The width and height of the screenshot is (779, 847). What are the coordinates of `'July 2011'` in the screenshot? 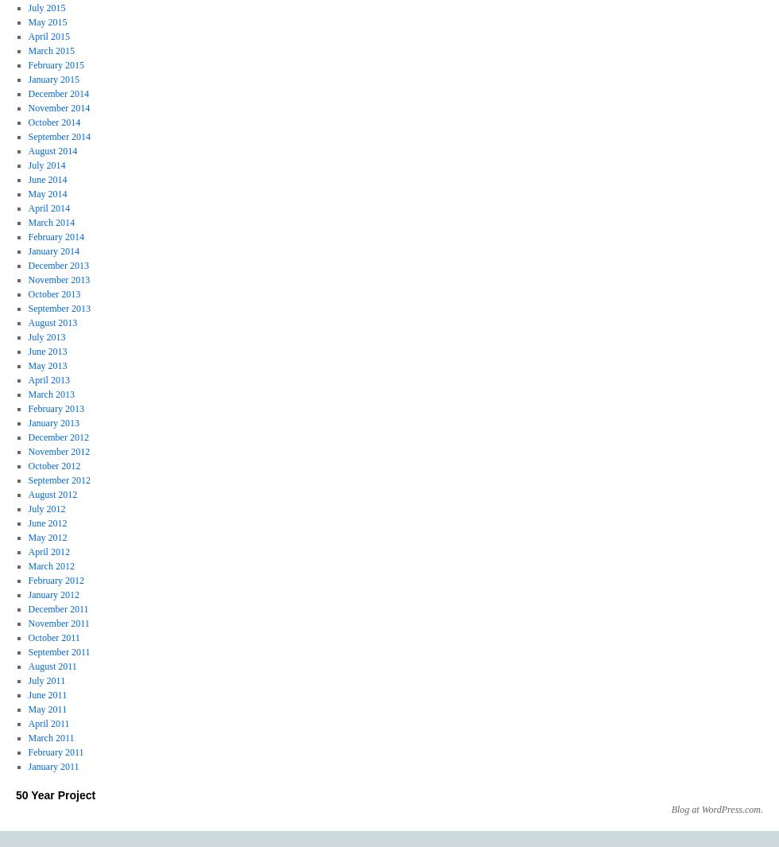 It's located at (46, 681).